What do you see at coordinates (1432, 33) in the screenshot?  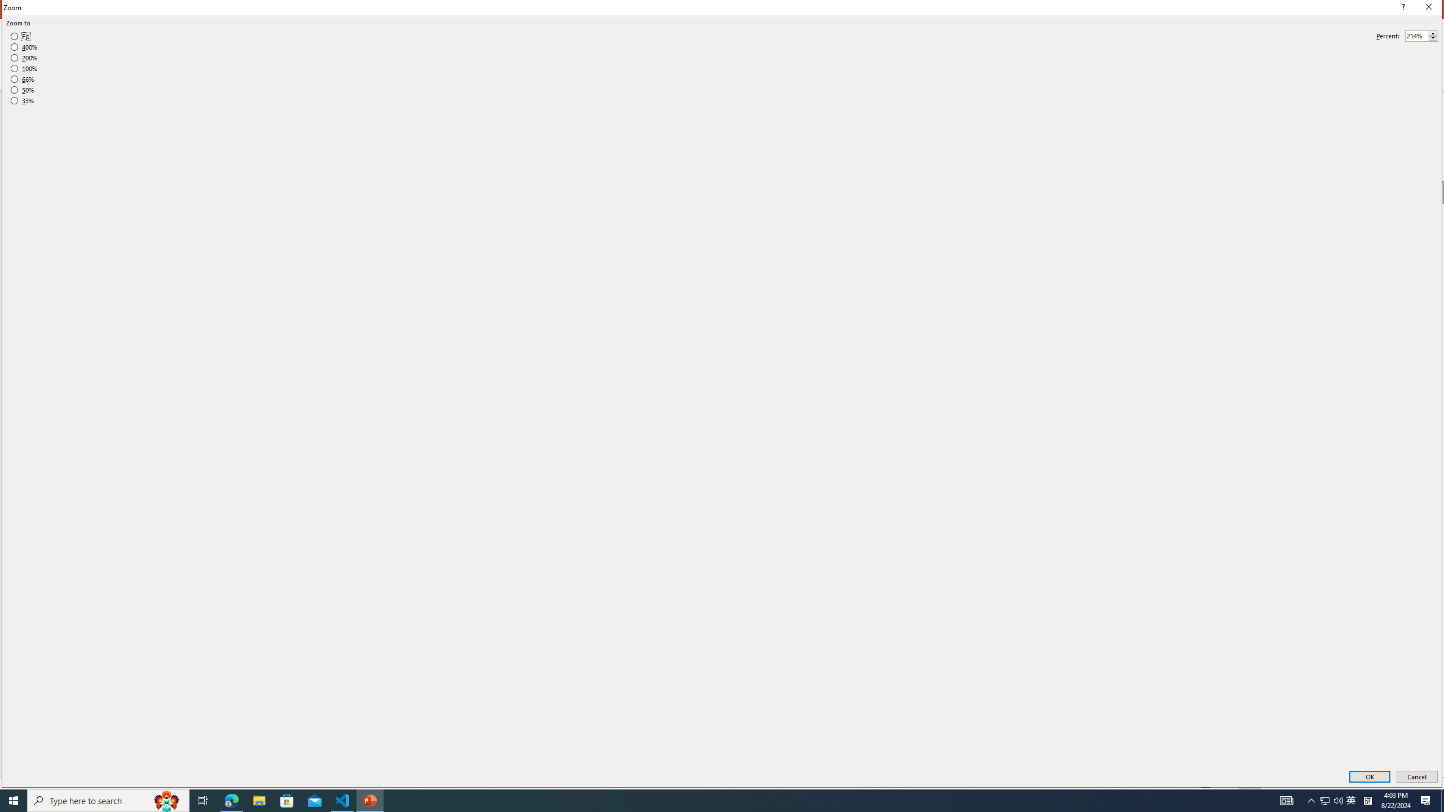 I see `'More'` at bounding box center [1432, 33].